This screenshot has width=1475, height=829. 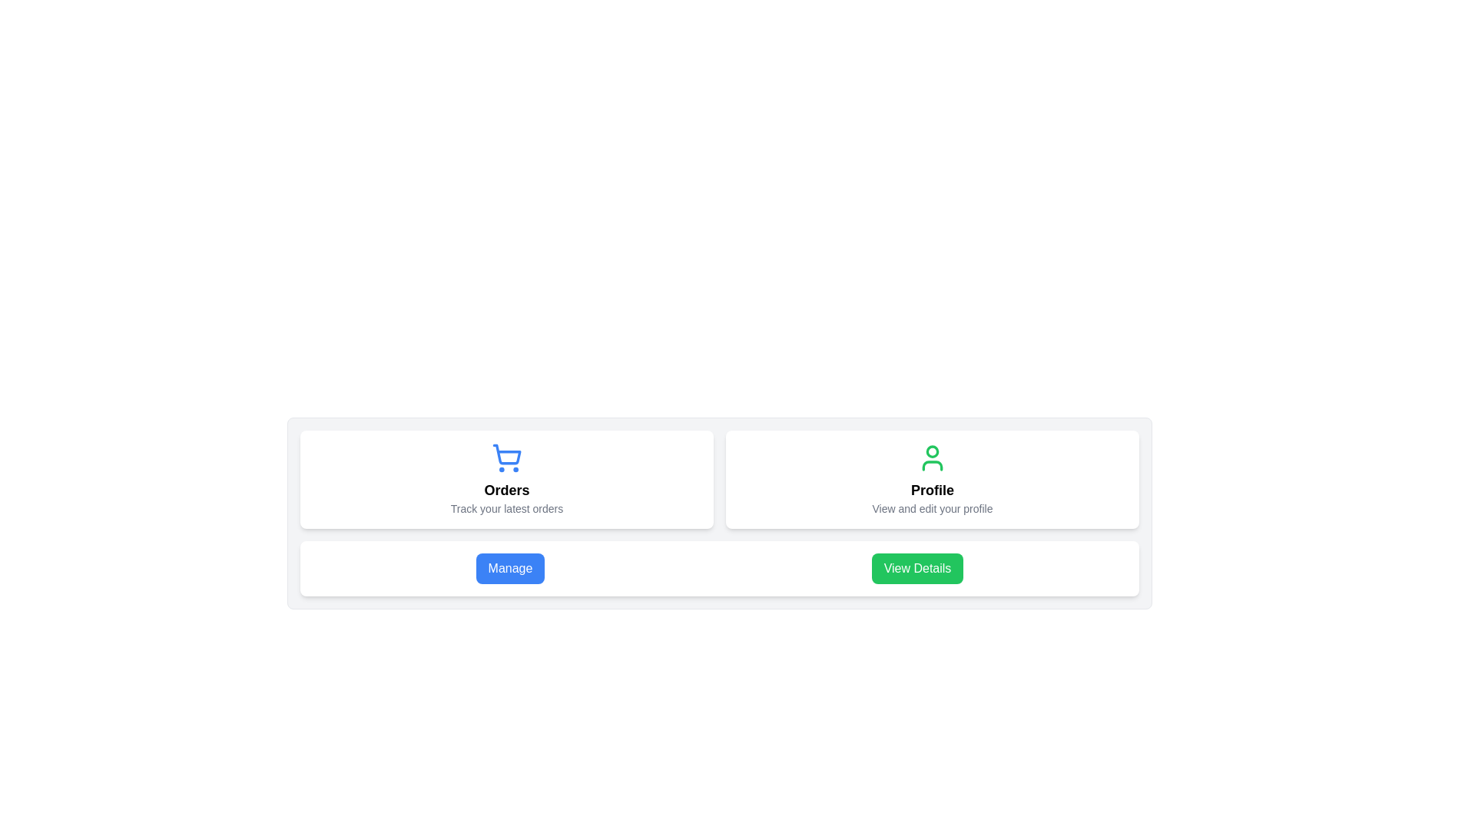 I want to click on the text label that reads 'Track your latest orders', styled in small gray font, located below the 'Orders' header and shopping cart icon, so click(x=507, y=509).